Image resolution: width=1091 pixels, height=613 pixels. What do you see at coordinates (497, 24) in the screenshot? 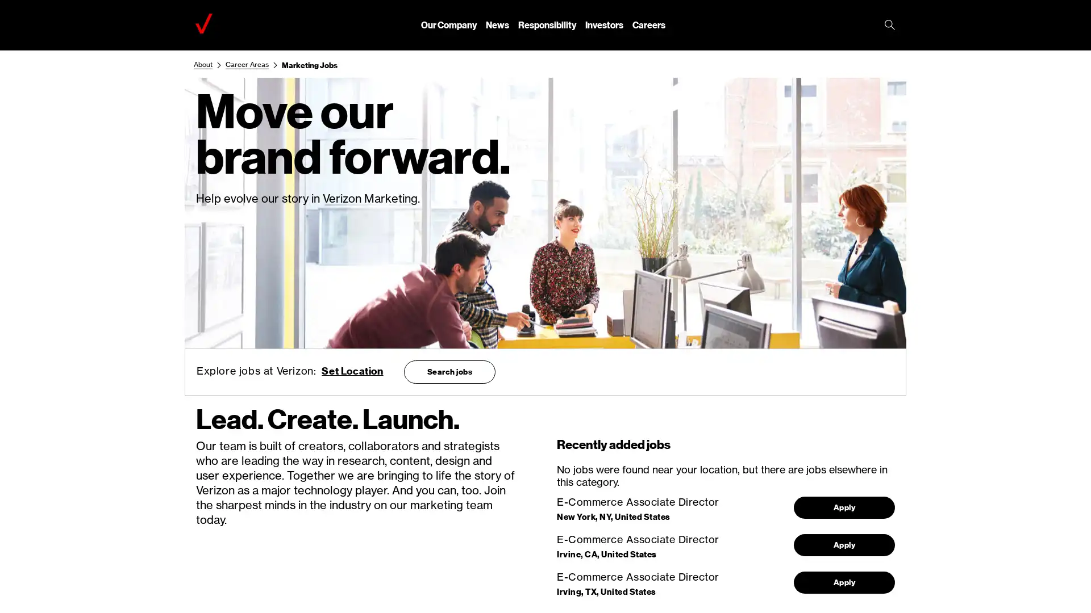
I see `News Menu List` at bounding box center [497, 24].